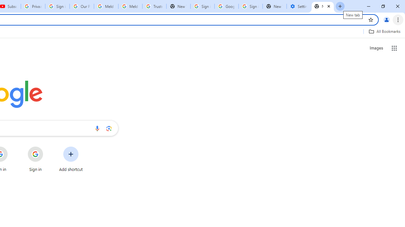 The image size is (405, 227). What do you see at coordinates (154, 6) in the screenshot?
I see `'Trusted Information and Content - Google Safety Center'` at bounding box center [154, 6].